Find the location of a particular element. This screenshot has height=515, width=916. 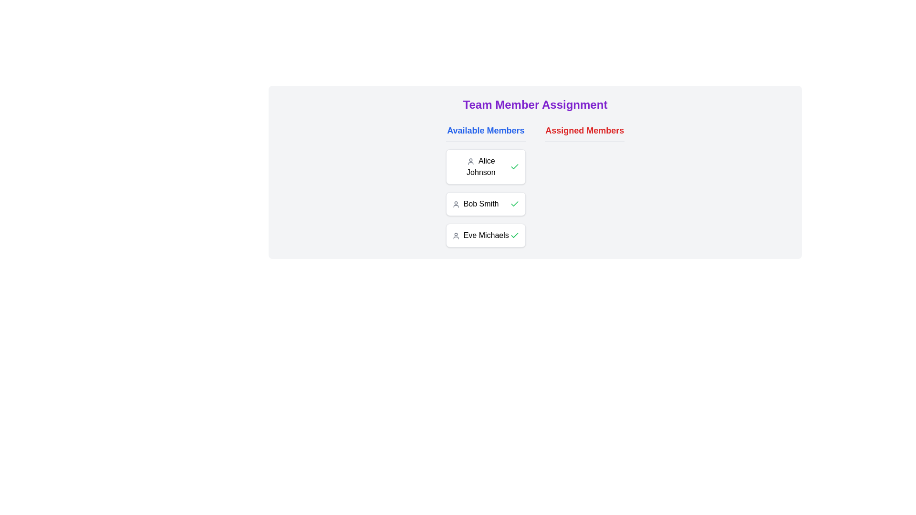

the gray user profile icon located to the left of the name 'Alice Johnson' is located at coordinates (471, 161).